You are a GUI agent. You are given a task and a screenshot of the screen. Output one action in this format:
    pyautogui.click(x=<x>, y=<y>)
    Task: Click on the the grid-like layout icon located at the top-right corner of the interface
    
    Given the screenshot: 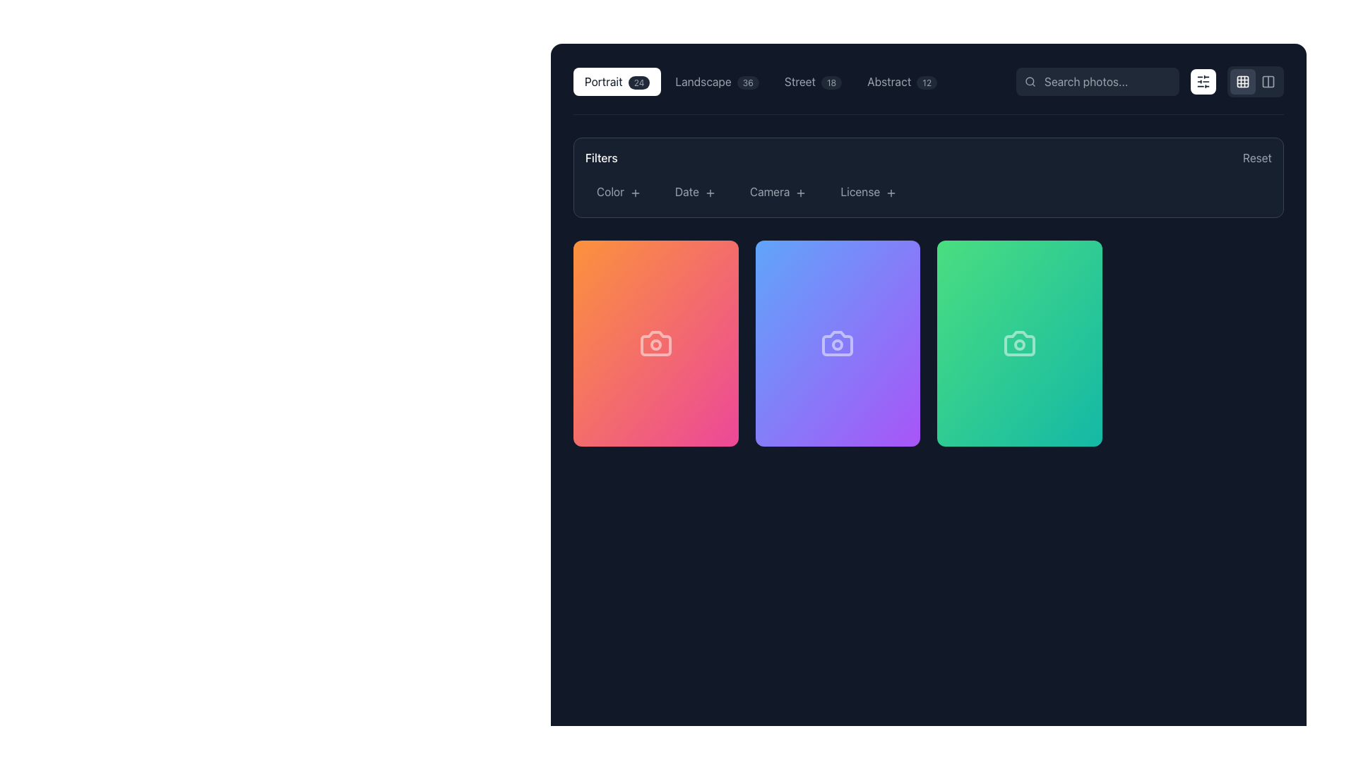 What is the action you would take?
    pyautogui.click(x=1268, y=81)
    